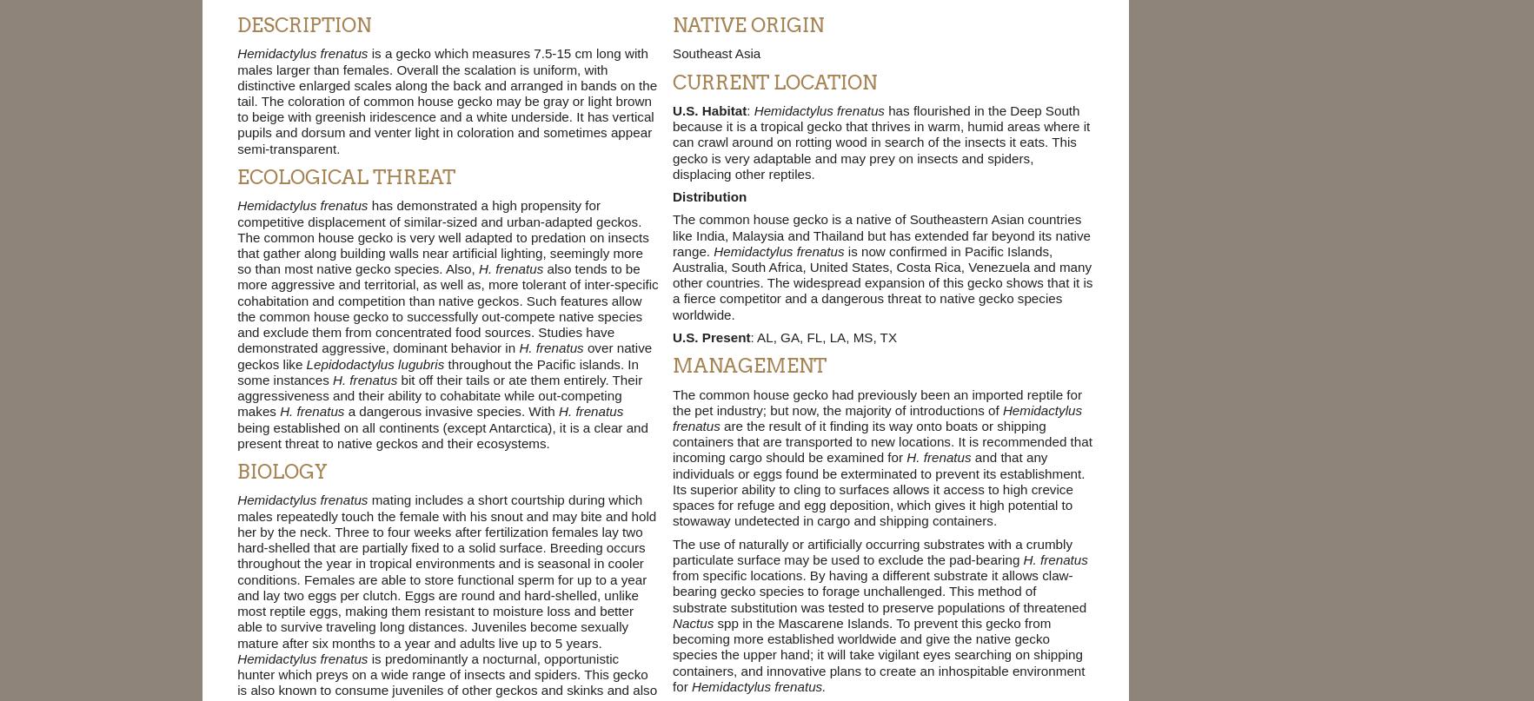  I want to click on 'spp in the Mascarene Islands. To prevent this gecko from becoming more established worldwide and give the native gecko species the upper hand; it will take vigilant eyes searching on shipping containers, and innovative plans to create an inhospitable environment for', so click(671, 653).